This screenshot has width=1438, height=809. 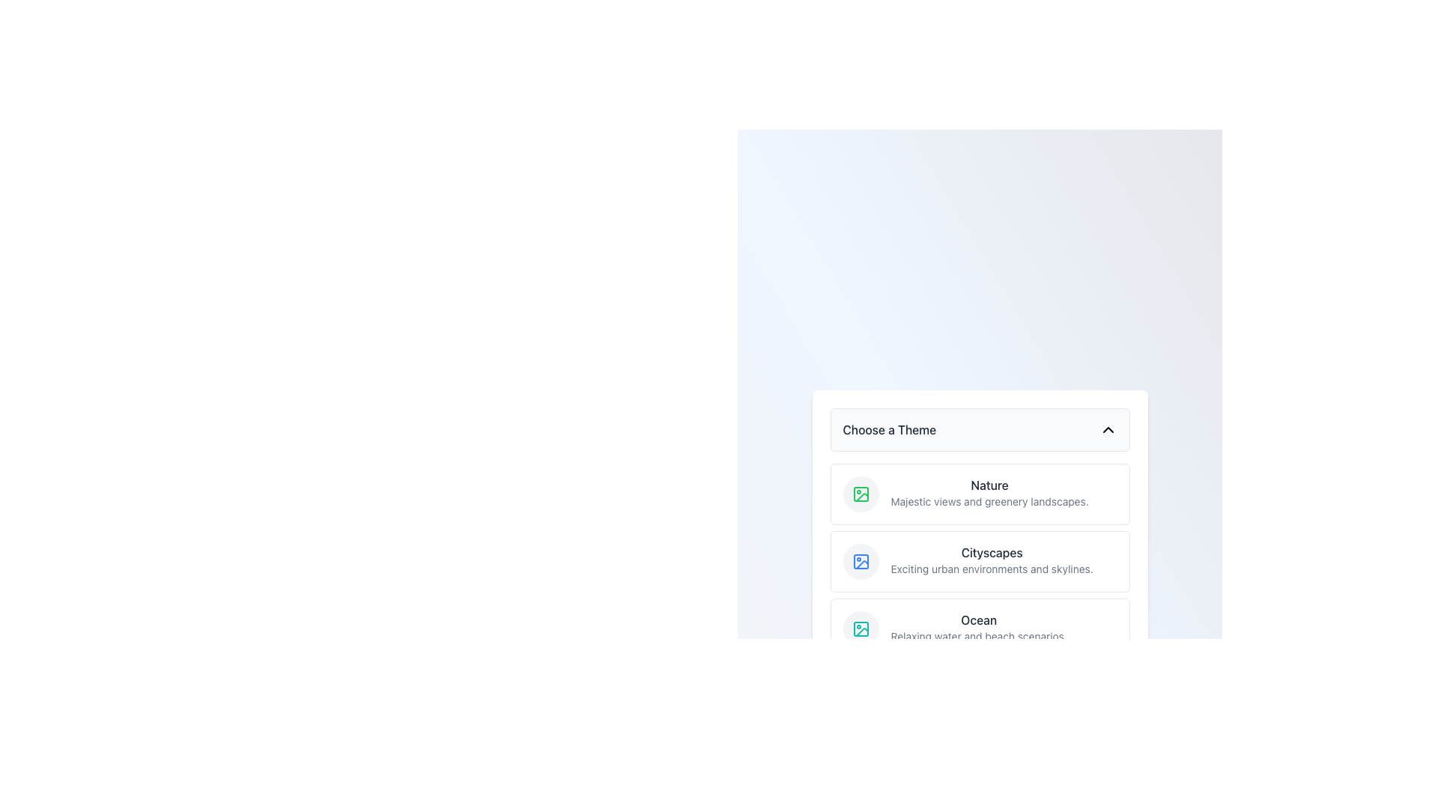 I want to click on the circular icon with a light gray background and teal accents, located at the leftmost edge of the 'Ocean' theme row, so click(x=861, y=629).